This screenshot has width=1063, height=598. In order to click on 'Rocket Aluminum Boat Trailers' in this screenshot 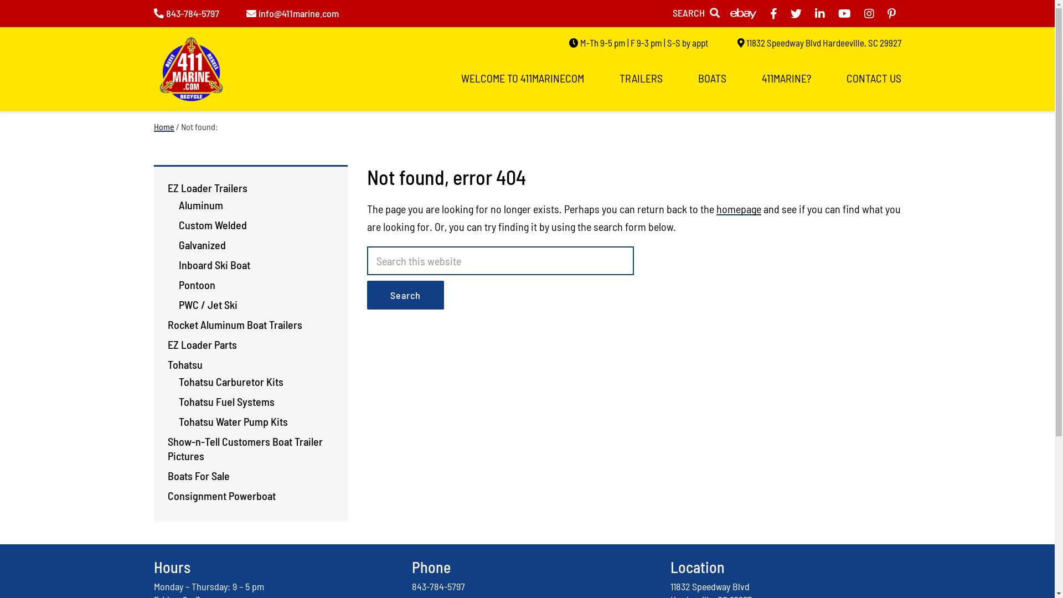, I will do `click(167, 324)`.